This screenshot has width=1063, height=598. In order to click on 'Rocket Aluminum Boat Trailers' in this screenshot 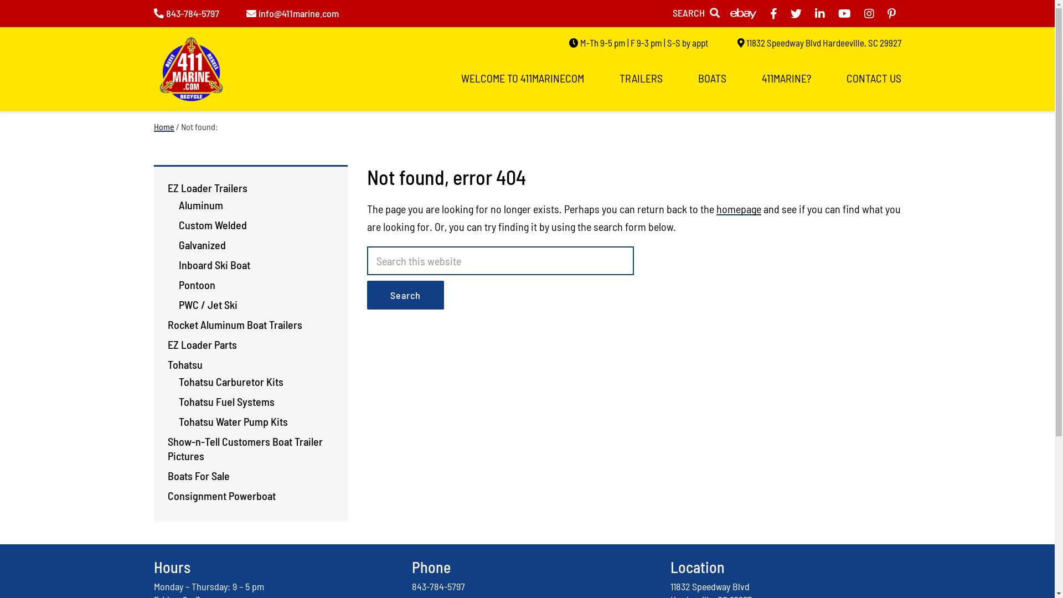, I will do `click(167, 324)`.